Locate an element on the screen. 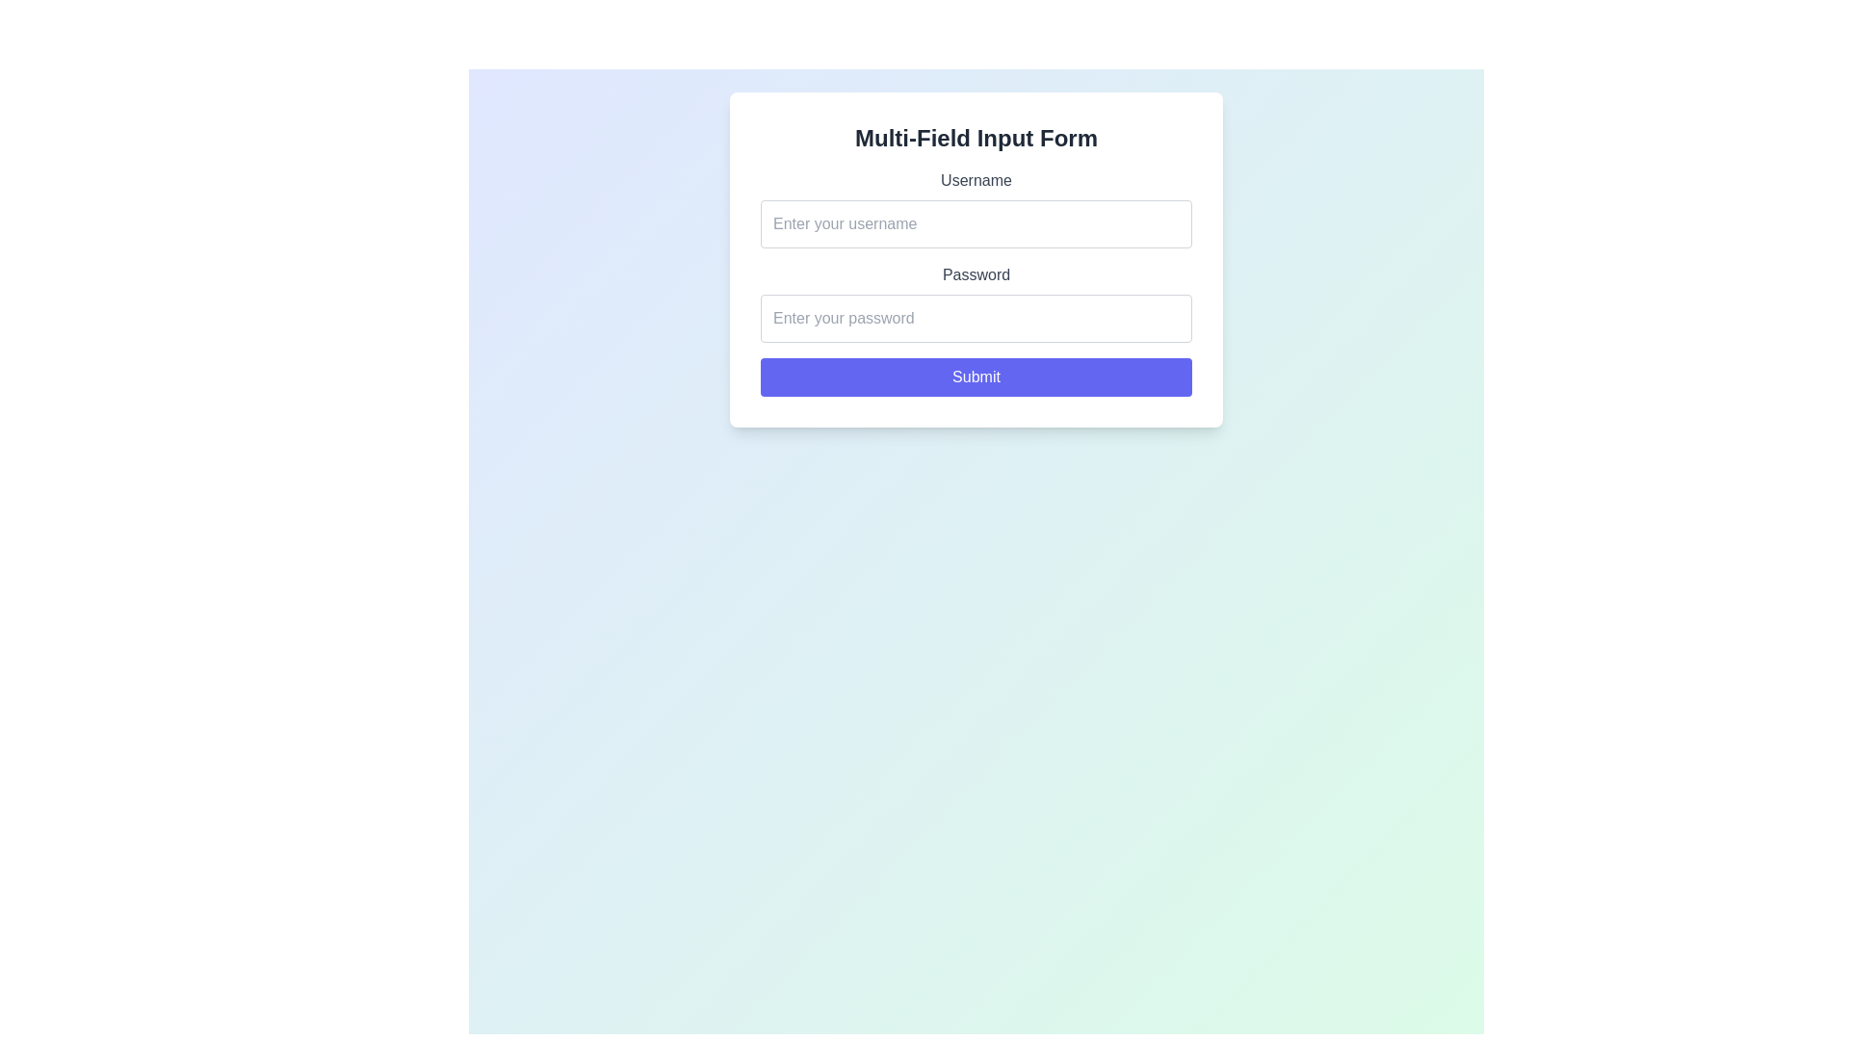 Image resolution: width=1849 pixels, height=1040 pixels. the indigo 'Submit' button with white text located at the bottom of the form is located at coordinates (976, 377).